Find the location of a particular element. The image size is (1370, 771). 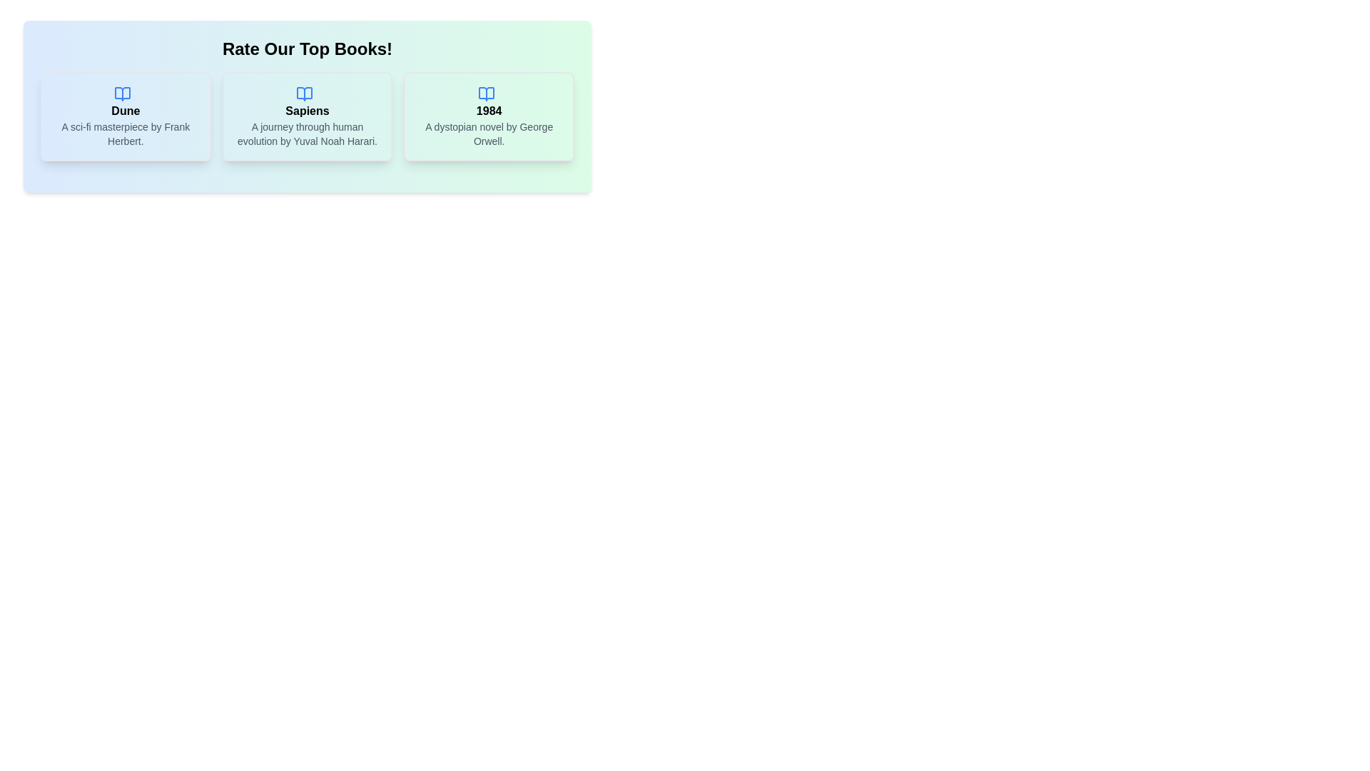

the text display element that shows the title 'Dune' in bold font, located at the top of its containing card is located at coordinates (126, 110).